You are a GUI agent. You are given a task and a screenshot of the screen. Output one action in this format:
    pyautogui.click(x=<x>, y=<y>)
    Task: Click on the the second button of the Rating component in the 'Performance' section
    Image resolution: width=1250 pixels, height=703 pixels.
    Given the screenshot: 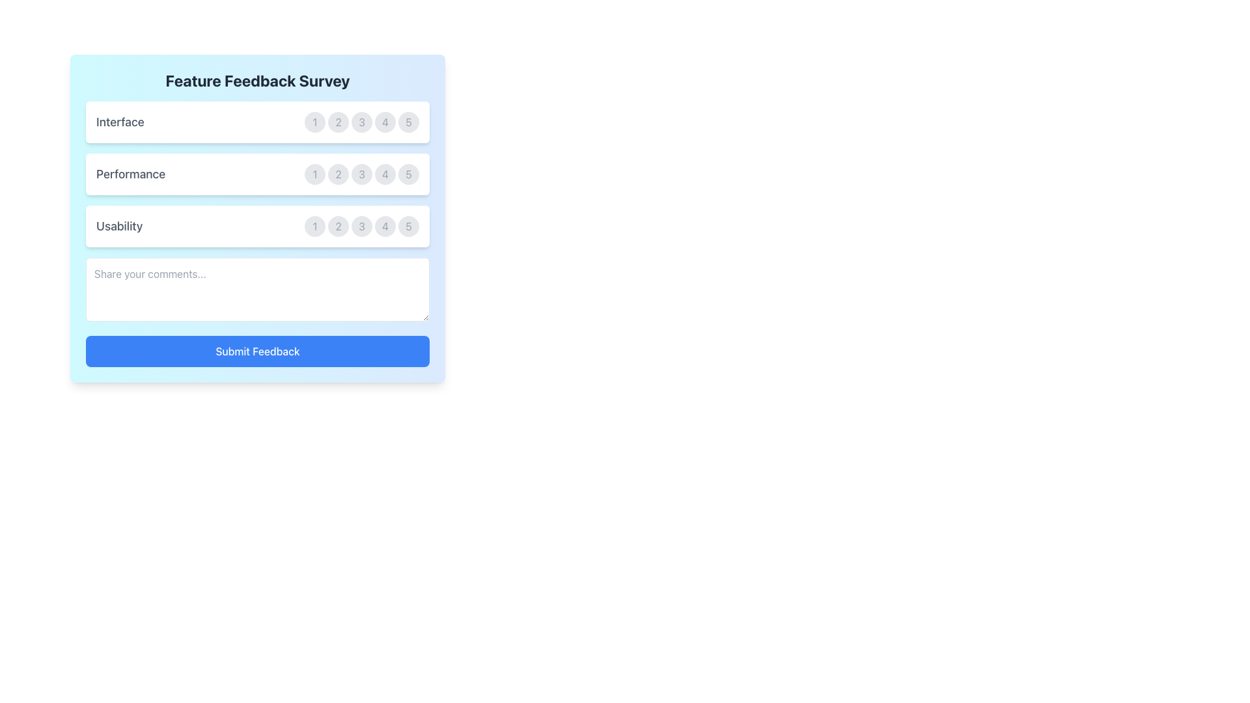 What is the action you would take?
    pyautogui.click(x=362, y=173)
    